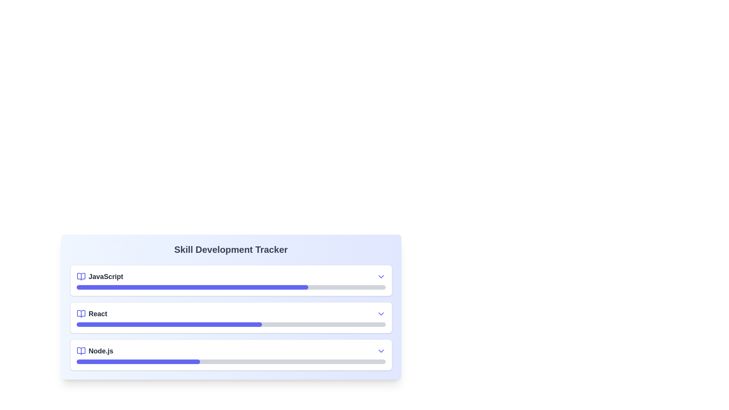 The width and height of the screenshot is (729, 410). I want to click on the Node.js text label in the skill tracker interface, which is the last item in a vertical list of skill items, helping users correlate it with its progress bar, so click(100, 351).